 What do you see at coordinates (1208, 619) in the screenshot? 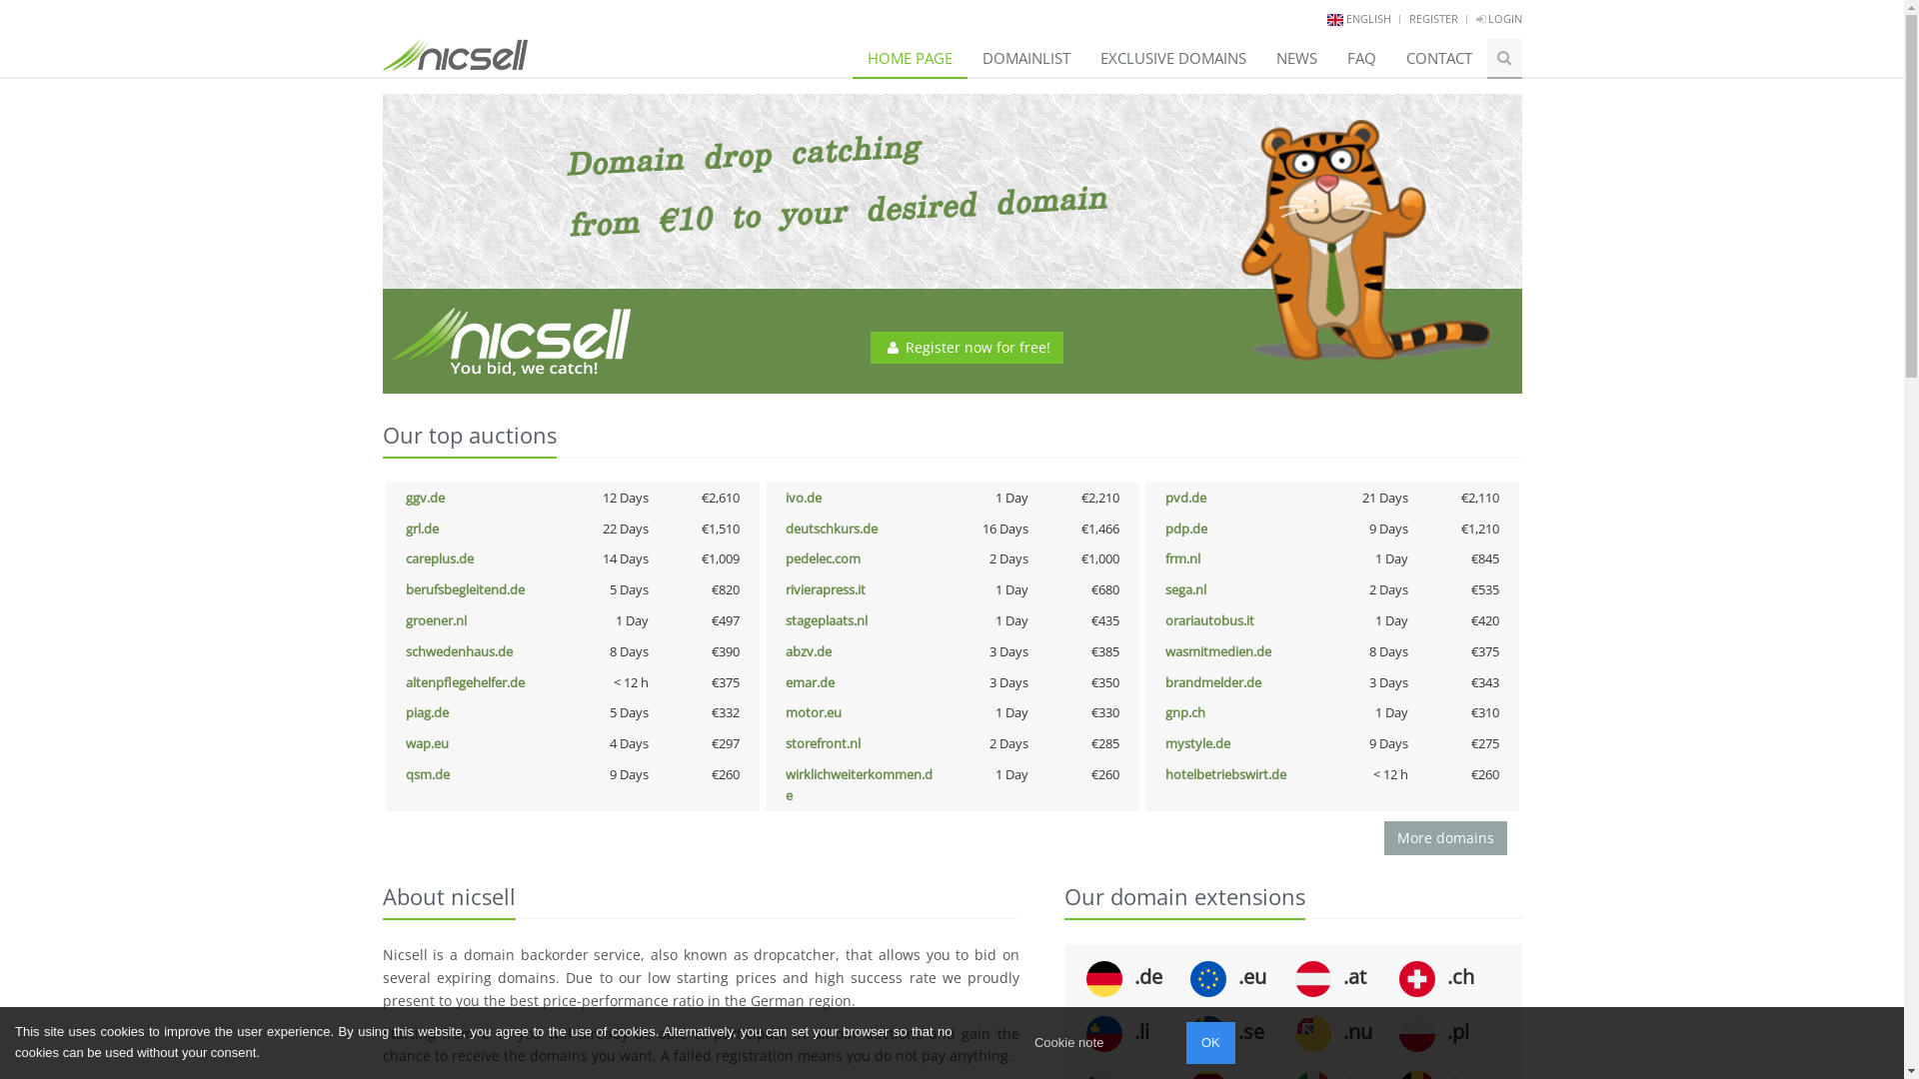
I see `'orariautobus.it'` at bounding box center [1208, 619].